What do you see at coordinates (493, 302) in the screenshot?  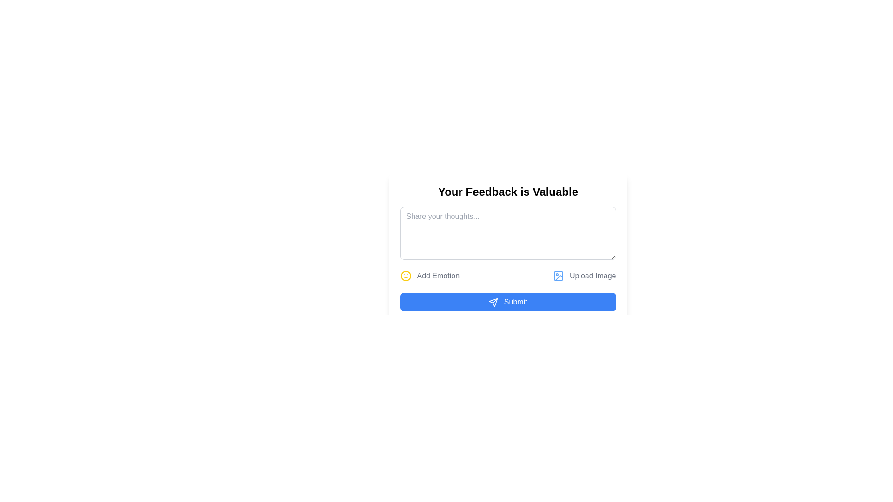 I see `the paper airplane icon representing the 'send' action, located to the left of the 'Submit' text within a blue button at the bottom center of the interface` at bounding box center [493, 302].